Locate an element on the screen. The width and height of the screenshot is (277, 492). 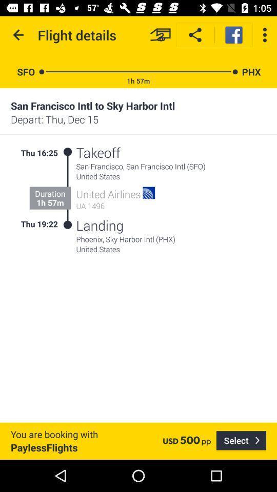
the item below the united airlines item is located at coordinates (116, 206).